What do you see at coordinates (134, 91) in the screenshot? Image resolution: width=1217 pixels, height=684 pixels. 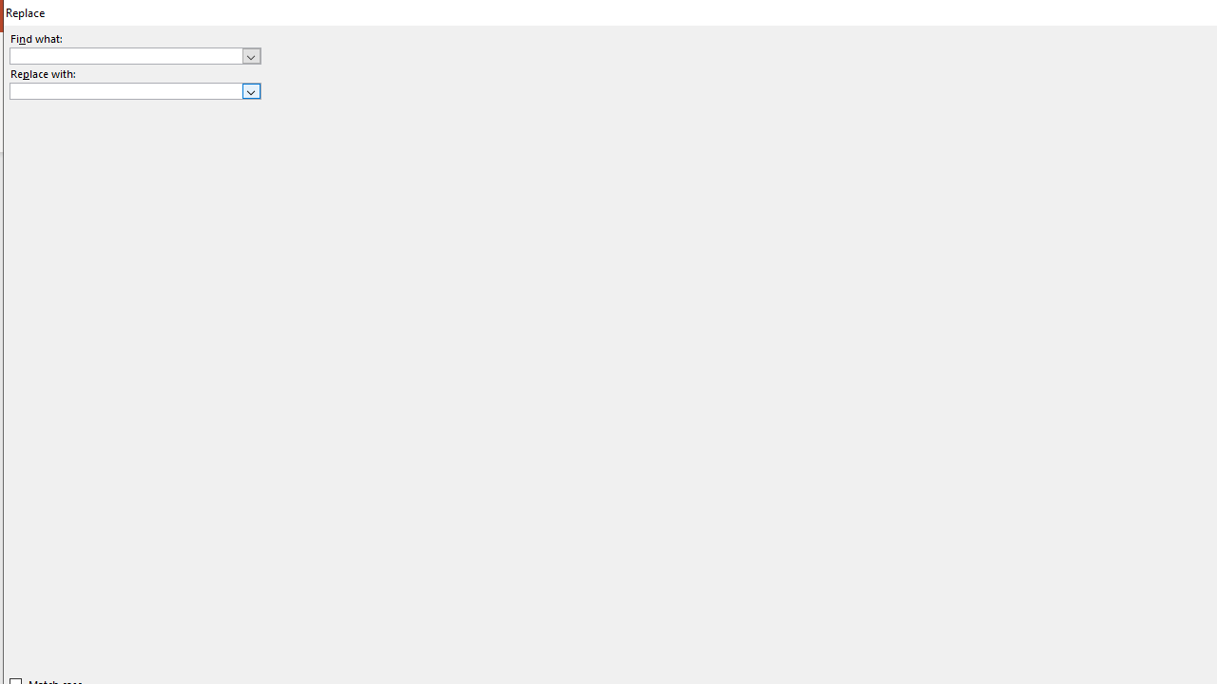 I see `'Replace with'` at bounding box center [134, 91].